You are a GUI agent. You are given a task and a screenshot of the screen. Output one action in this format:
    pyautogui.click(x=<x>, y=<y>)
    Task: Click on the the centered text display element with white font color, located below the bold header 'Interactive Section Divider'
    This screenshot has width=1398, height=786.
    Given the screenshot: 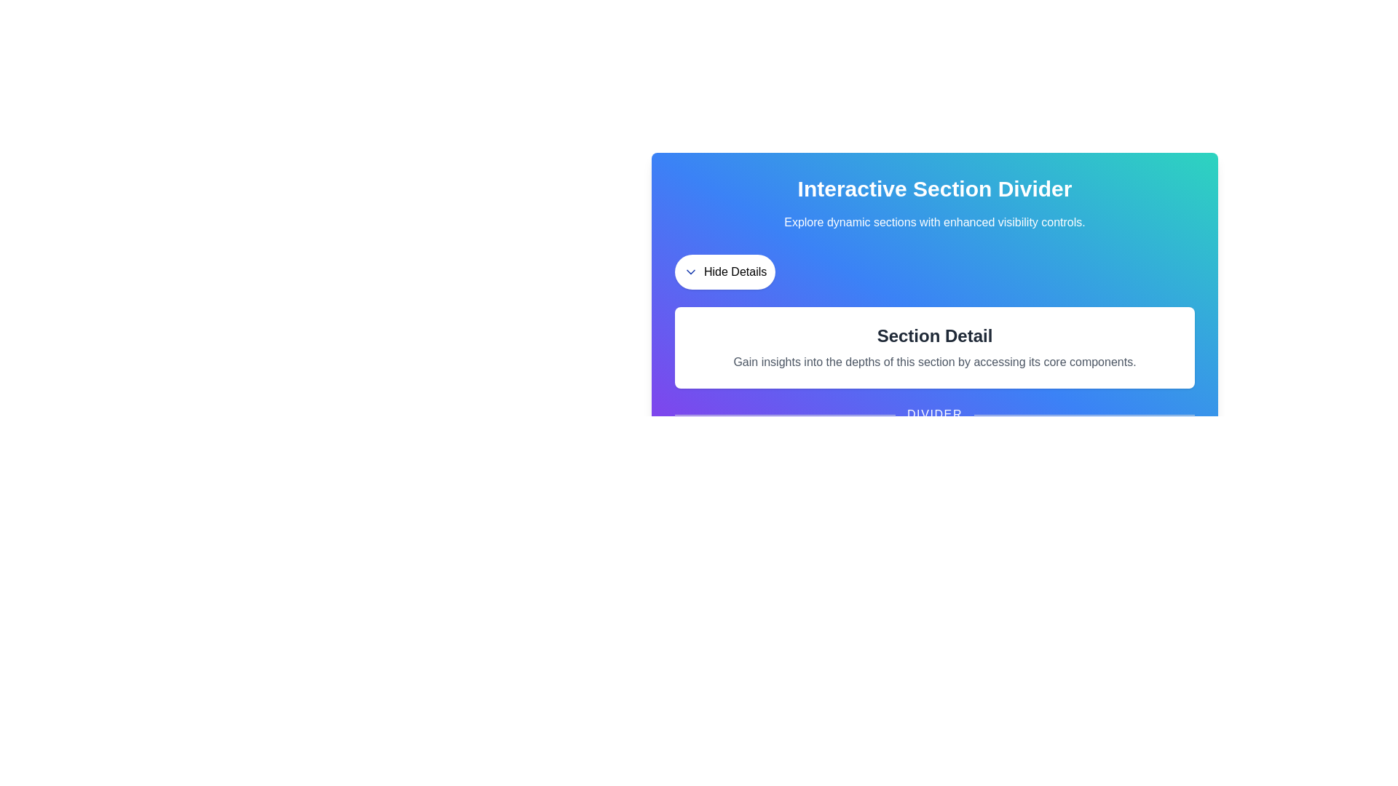 What is the action you would take?
    pyautogui.click(x=934, y=222)
    